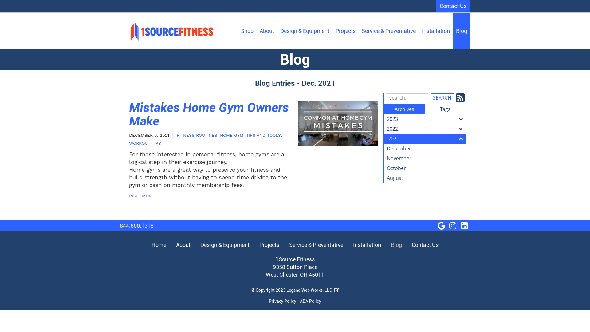  I want to click on 'August', so click(424, 178).